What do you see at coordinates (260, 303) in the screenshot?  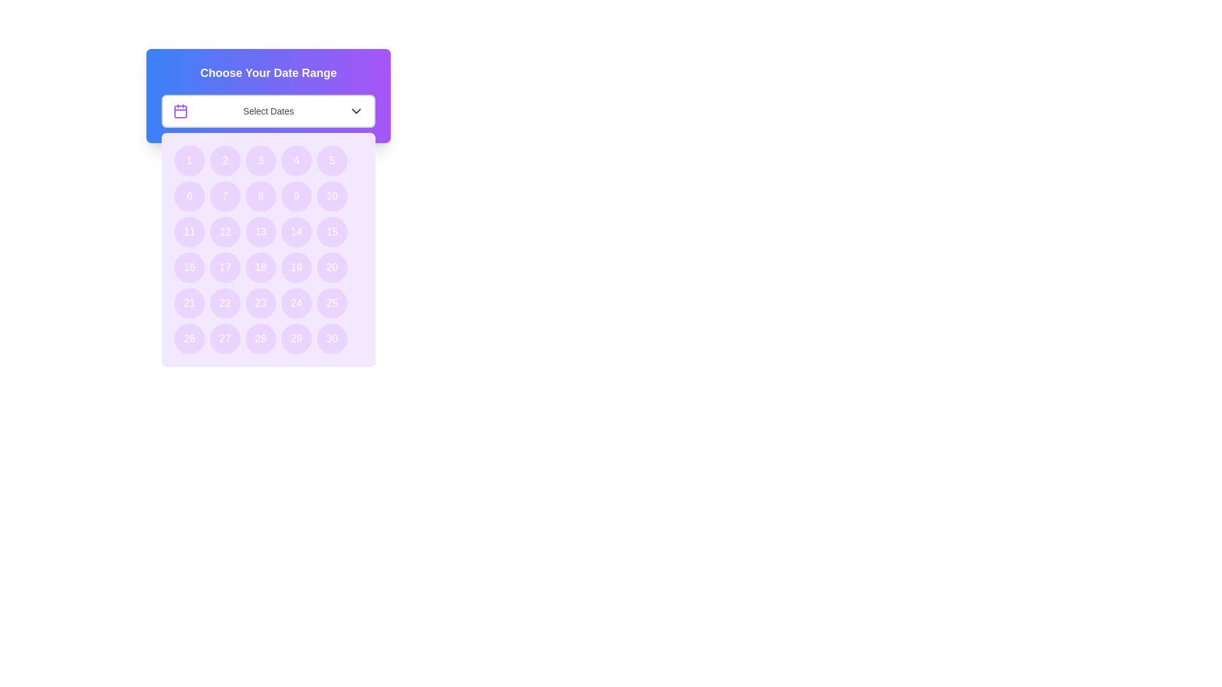 I see `the selectable day button for the date '23' in the calendar grid widget` at bounding box center [260, 303].